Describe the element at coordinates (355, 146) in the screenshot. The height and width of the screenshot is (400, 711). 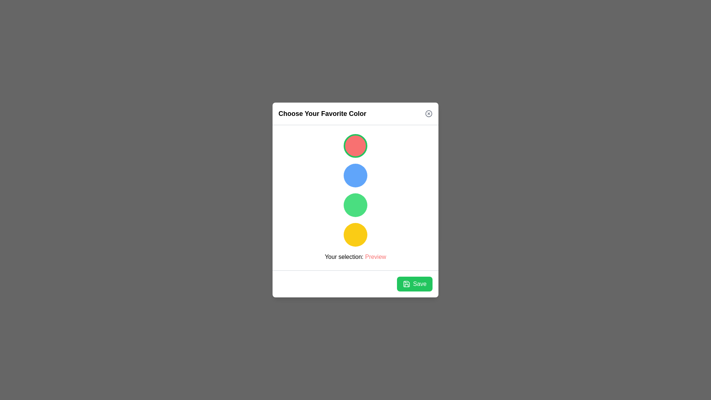
I see `the color circle corresponding to red` at that location.